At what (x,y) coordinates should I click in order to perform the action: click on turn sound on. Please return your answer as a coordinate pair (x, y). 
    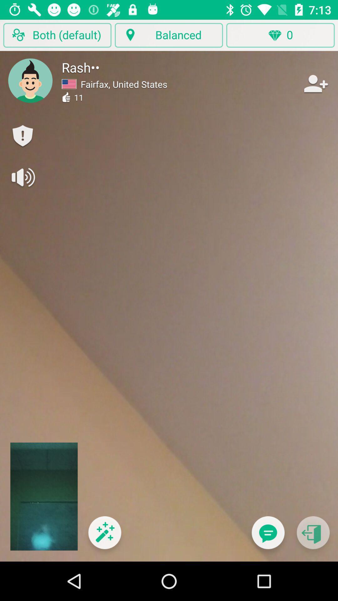
    Looking at the image, I should click on (22, 177).